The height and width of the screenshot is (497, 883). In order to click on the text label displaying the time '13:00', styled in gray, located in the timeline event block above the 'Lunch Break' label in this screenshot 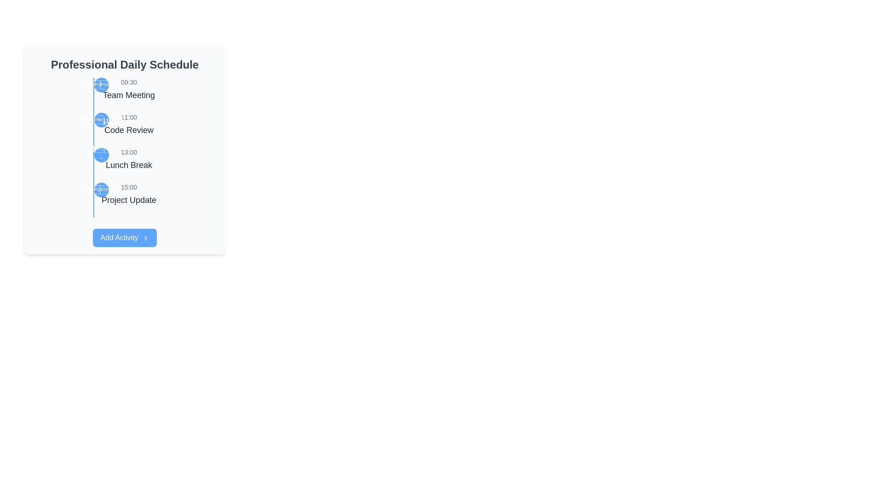, I will do `click(128, 152)`.